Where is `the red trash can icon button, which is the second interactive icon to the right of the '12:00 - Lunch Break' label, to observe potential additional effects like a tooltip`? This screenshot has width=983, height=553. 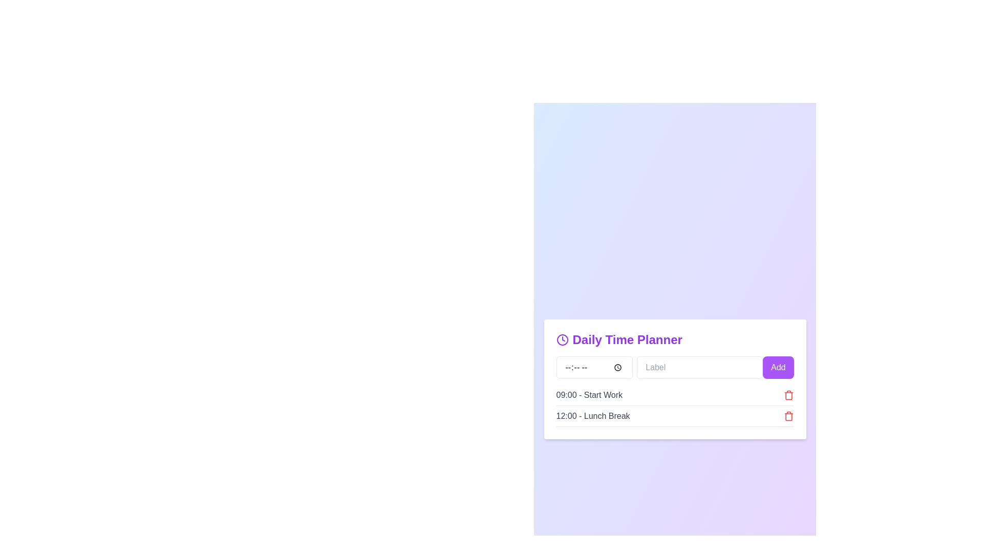
the red trash can icon button, which is the second interactive icon to the right of the '12:00 - Lunch Break' label, to observe potential additional effects like a tooltip is located at coordinates (788, 416).